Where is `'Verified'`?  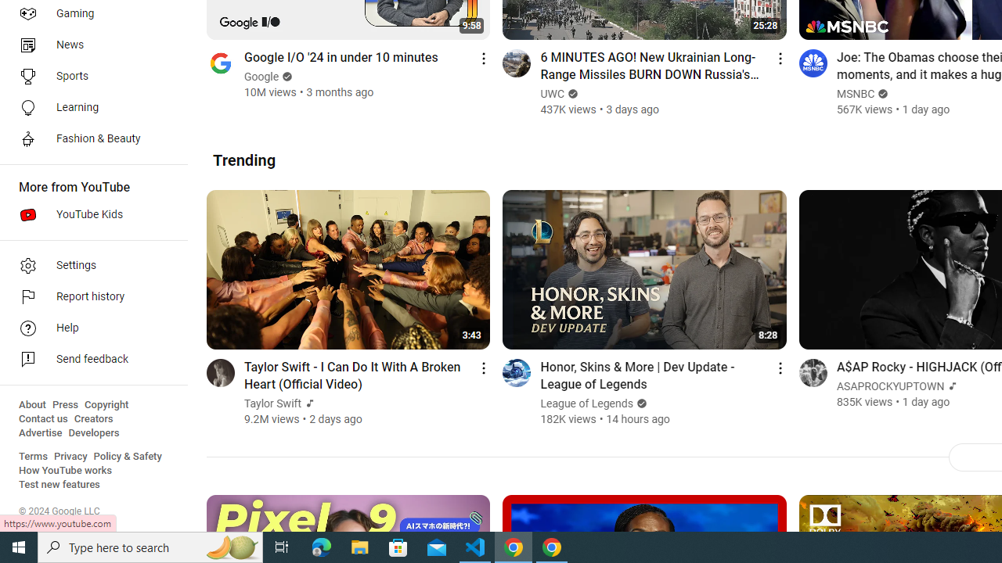 'Verified' is located at coordinates (640, 403).